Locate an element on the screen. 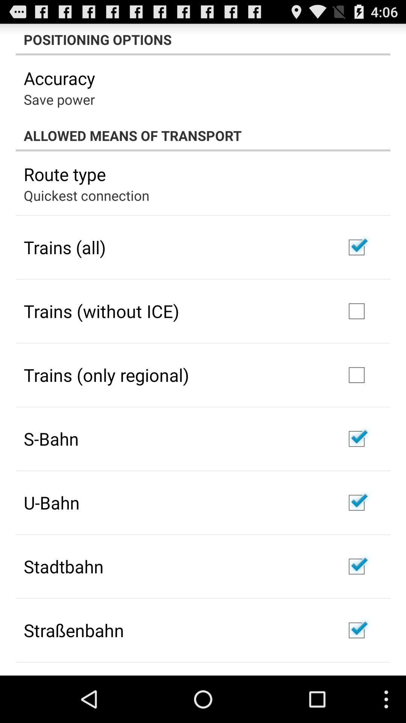 This screenshot has width=406, height=723. the app below trains (without ice) app is located at coordinates (106, 375).